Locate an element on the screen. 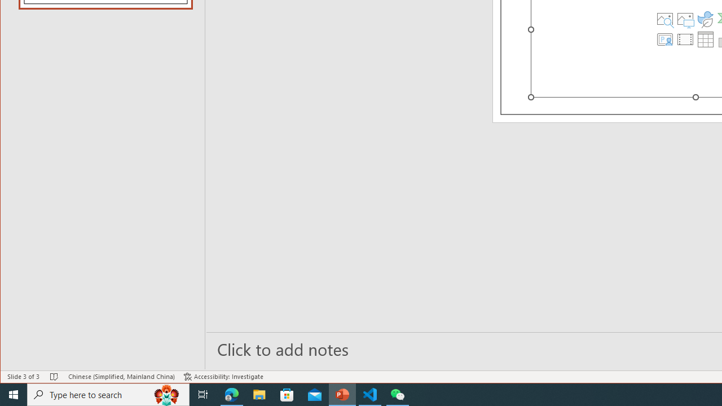  'Stock Images' is located at coordinates (665, 19).